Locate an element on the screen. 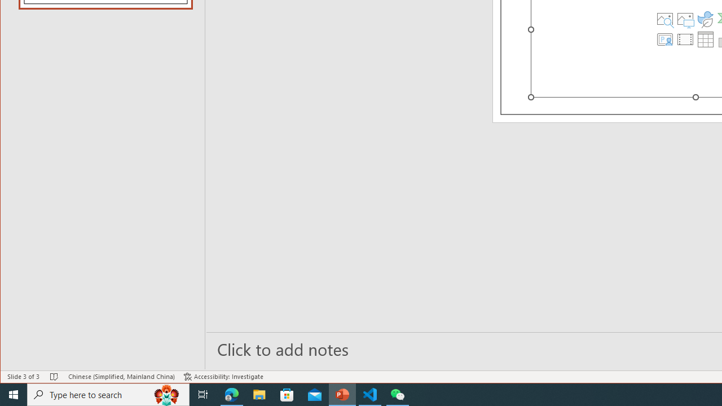  'Stock Images' is located at coordinates (665, 19).